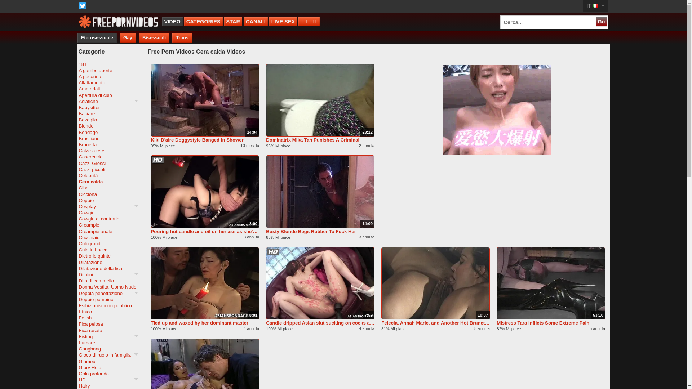  I want to click on 'Gola profonda', so click(108, 373).